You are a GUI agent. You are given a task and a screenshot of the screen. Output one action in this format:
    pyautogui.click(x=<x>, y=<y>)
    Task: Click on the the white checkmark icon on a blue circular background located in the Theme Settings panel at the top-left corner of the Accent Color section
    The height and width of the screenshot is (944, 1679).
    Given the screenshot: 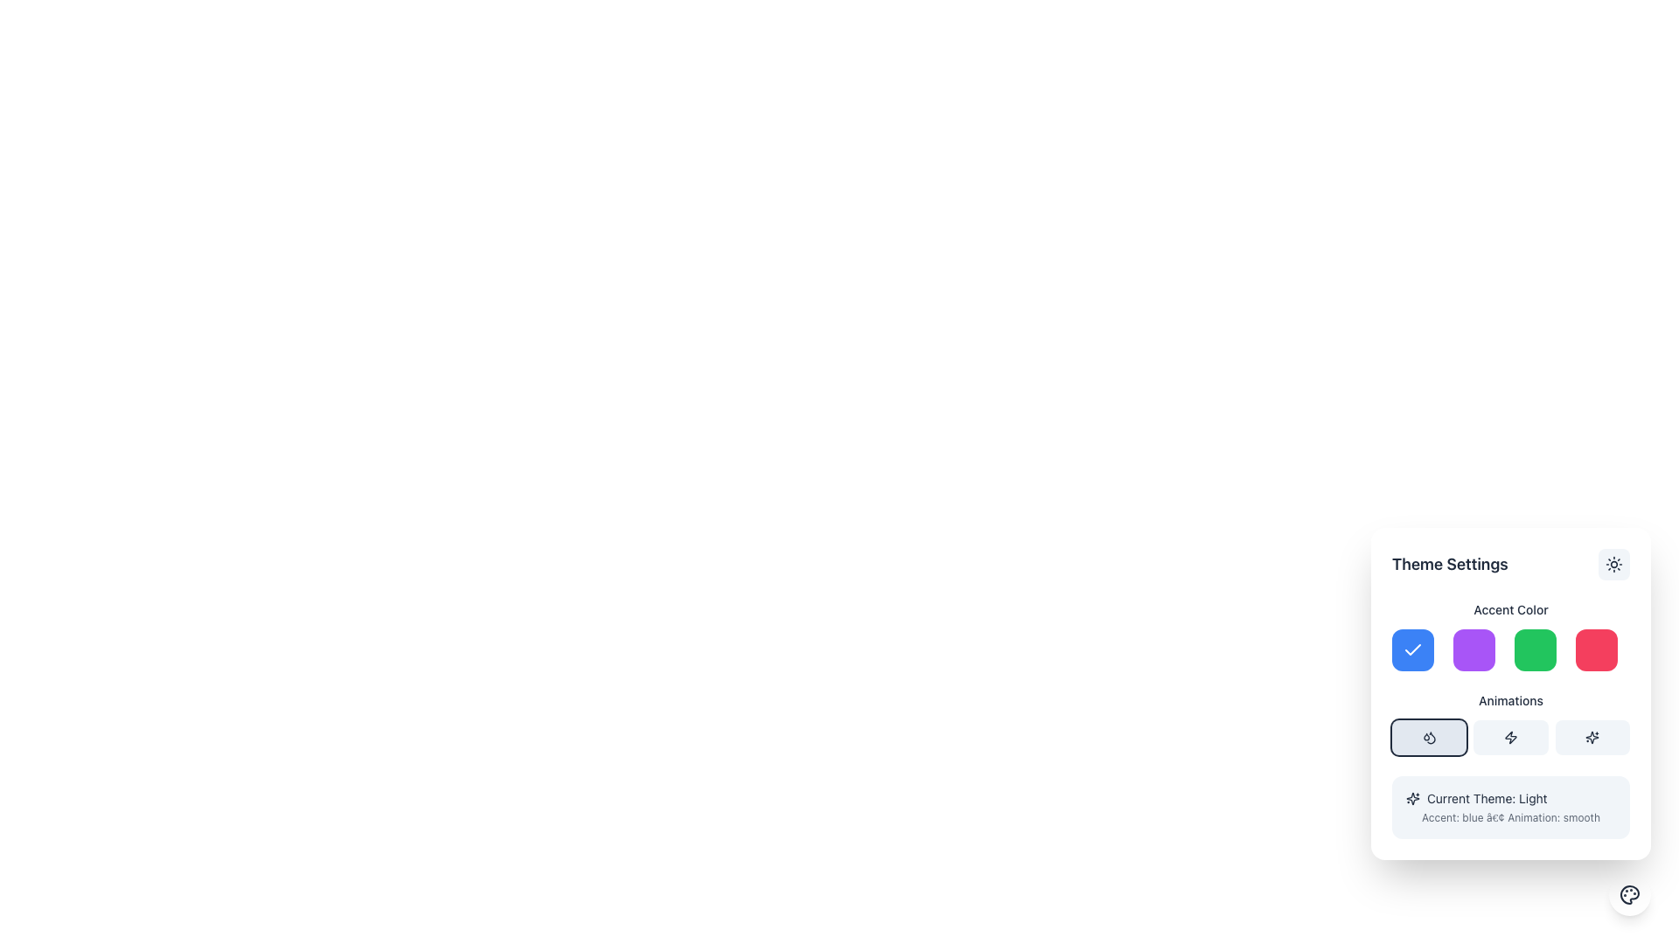 What is the action you would take?
    pyautogui.click(x=1413, y=650)
    